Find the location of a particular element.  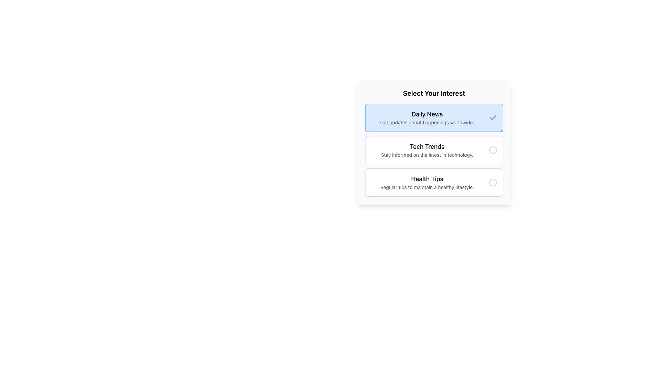

the first list item titled 'Select Your Interest' is located at coordinates (427, 117).